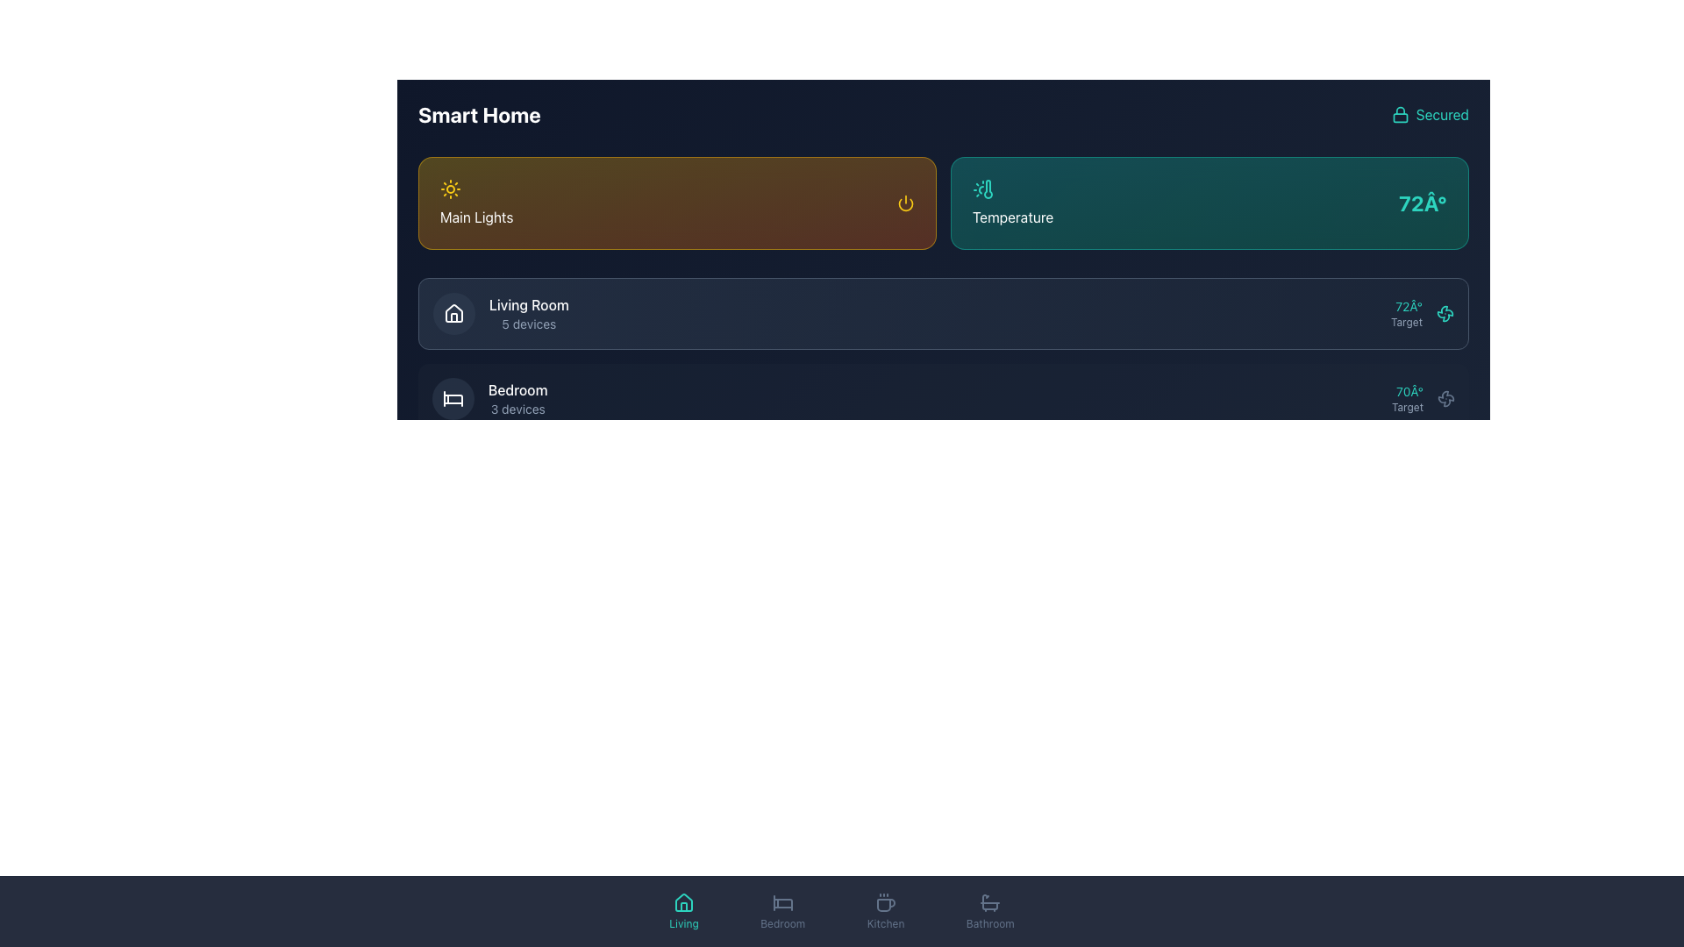  Describe the element at coordinates (1445, 313) in the screenshot. I see `the teal circular fan icon with radial blades located in the middle-right area of the Bedroom card, near the 'Target' label and temperature value` at that location.